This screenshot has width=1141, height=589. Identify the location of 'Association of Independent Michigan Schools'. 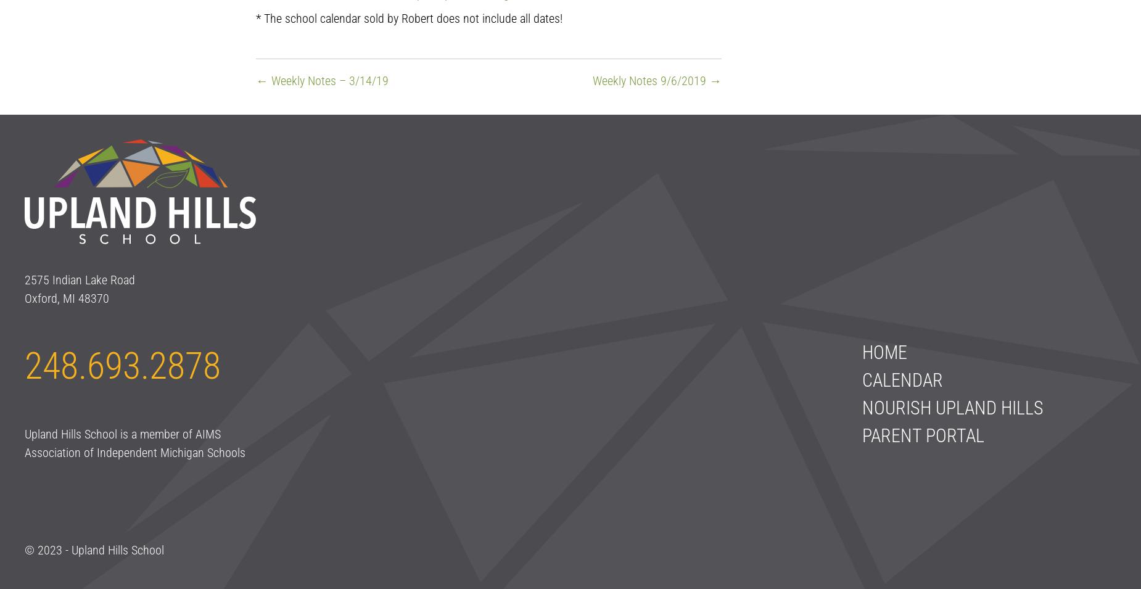
(134, 452).